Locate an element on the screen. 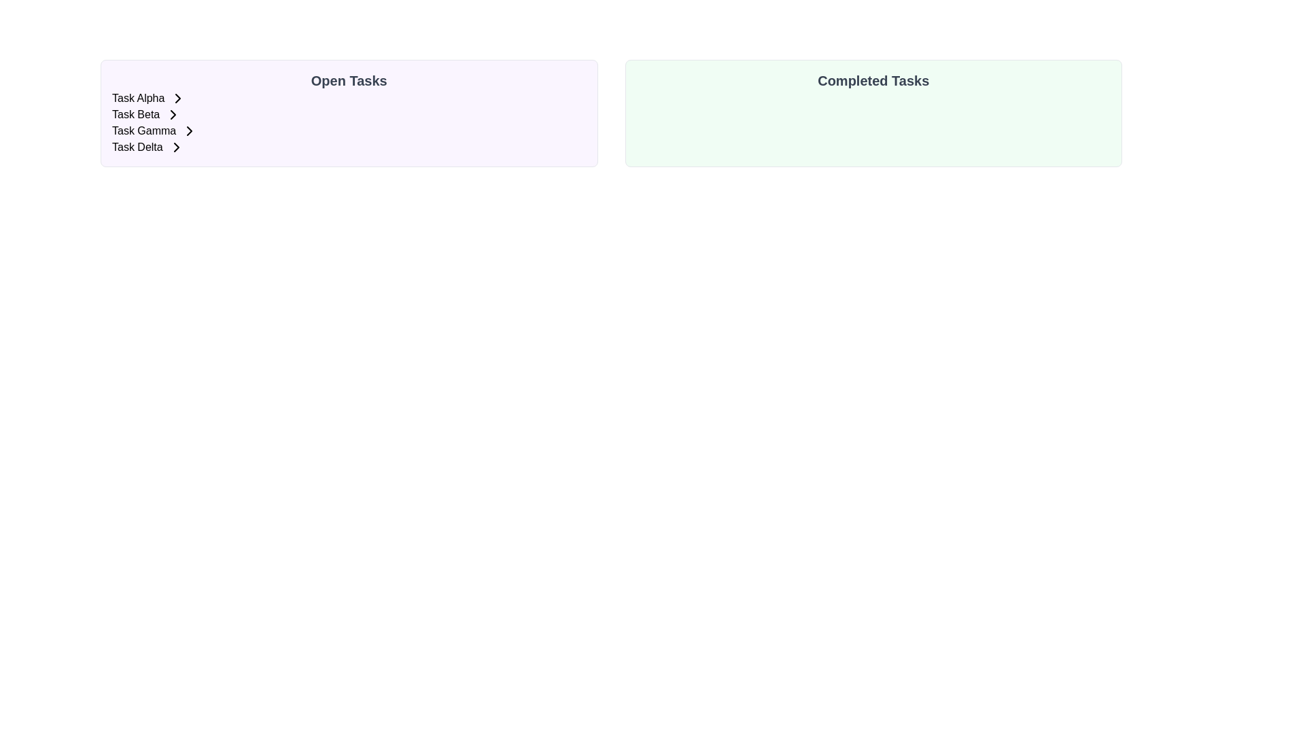  right-chevron button beside the task Task Alpha to move it to 'Completed Tasks' is located at coordinates (177, 98).